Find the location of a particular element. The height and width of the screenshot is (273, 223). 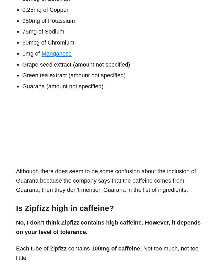

'Although there does seem to be some confusion about the inclusion of Guarana because the company says that the caffeine comes from Guarana, then they don’t mention Guarana in the list of ingredients.' is located at coordinates (16, 180).